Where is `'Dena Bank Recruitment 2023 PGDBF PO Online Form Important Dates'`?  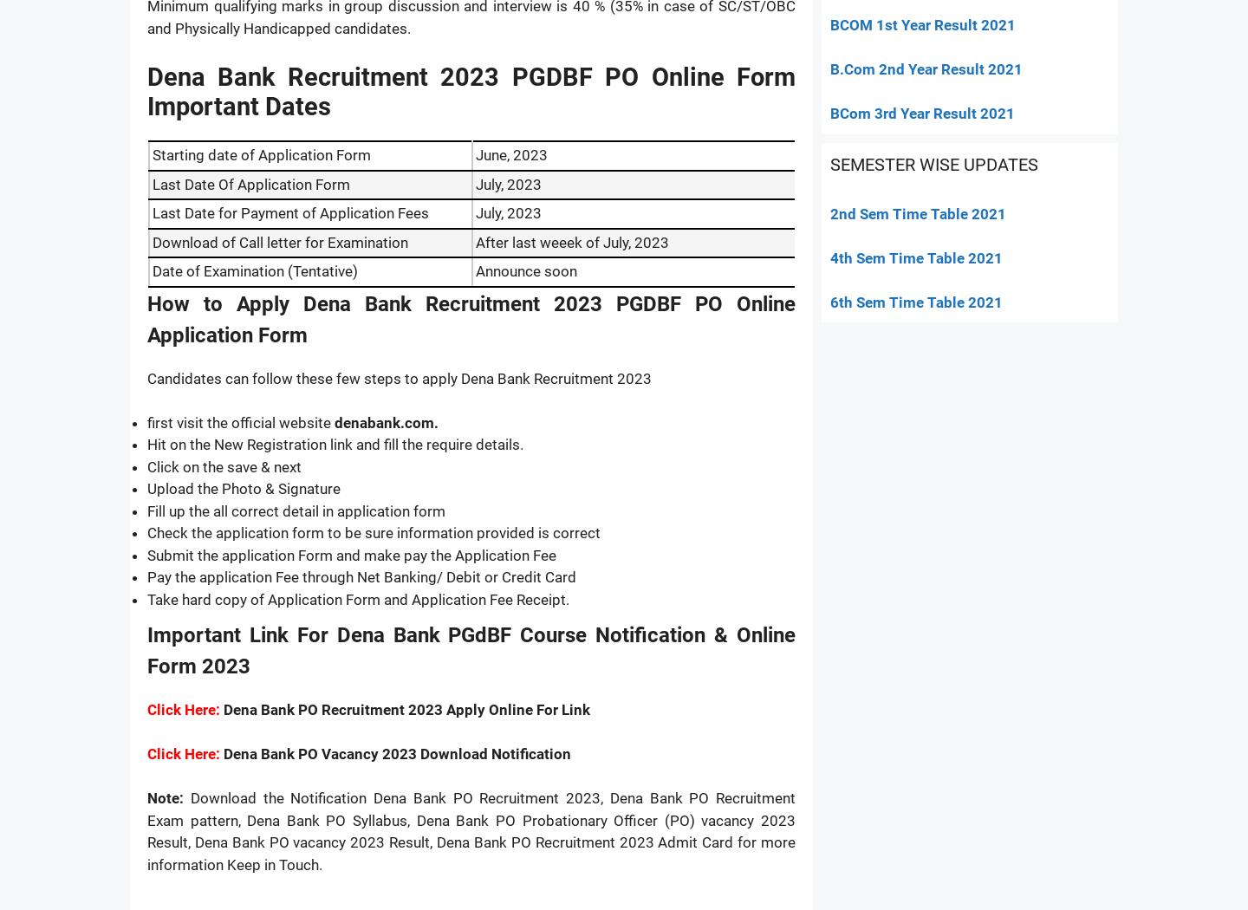 'Dena Bank Recruitment 2023 PGDBF PO Online Form Important Dates' is located at coordinates (471, 91).